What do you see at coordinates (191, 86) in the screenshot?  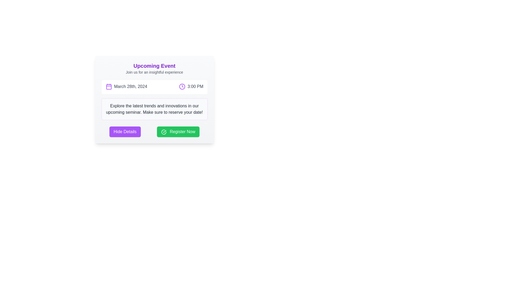 I see `time displayed on the clock icon located in the right-hand portion of the upper section of a card-like interface, adjacent to the date 'March 28th, 2024'` at bounding box center [191, 86].